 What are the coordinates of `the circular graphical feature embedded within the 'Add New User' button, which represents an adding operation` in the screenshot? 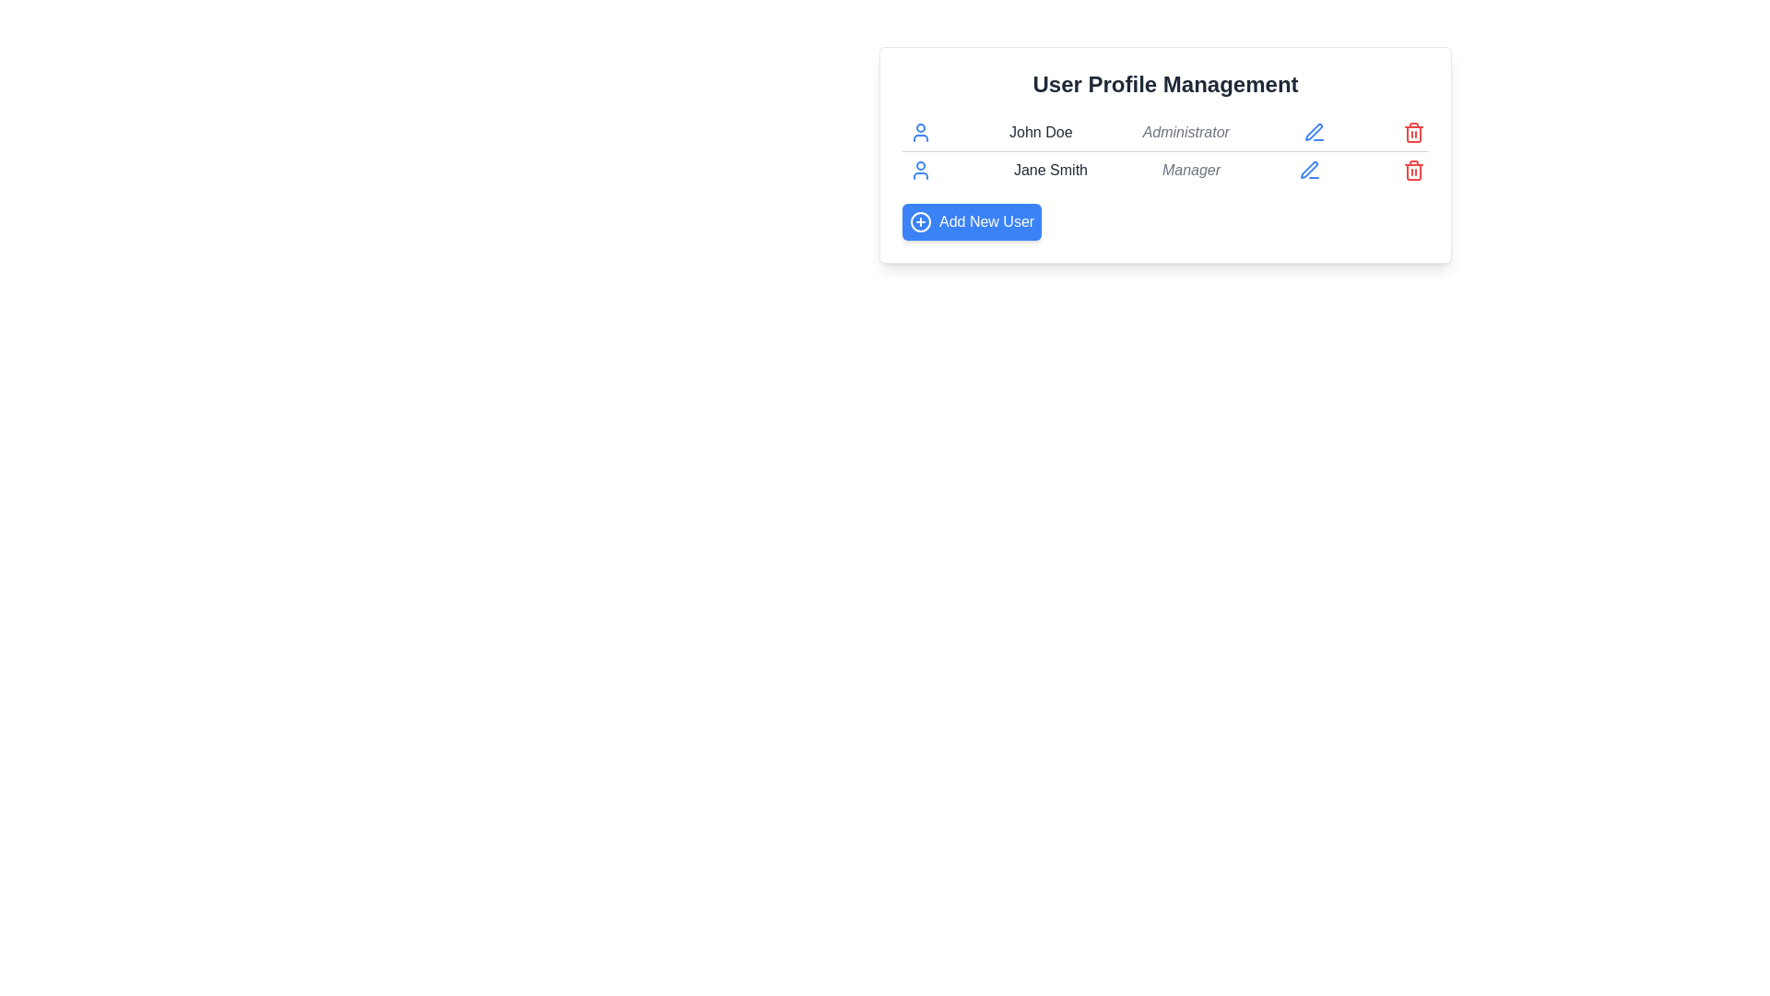 It's located at (920, 220).